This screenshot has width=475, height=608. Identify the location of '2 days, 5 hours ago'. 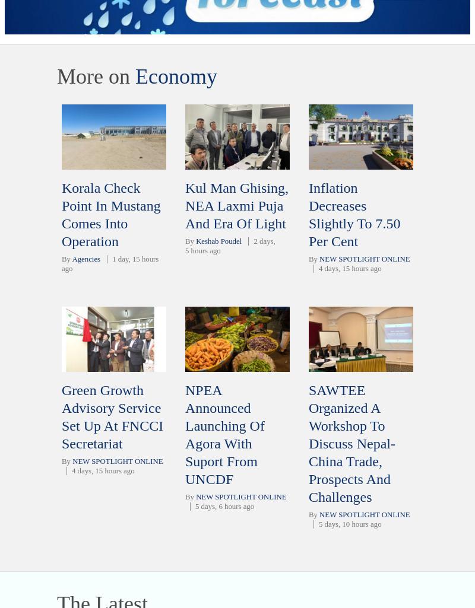
(229, 246).